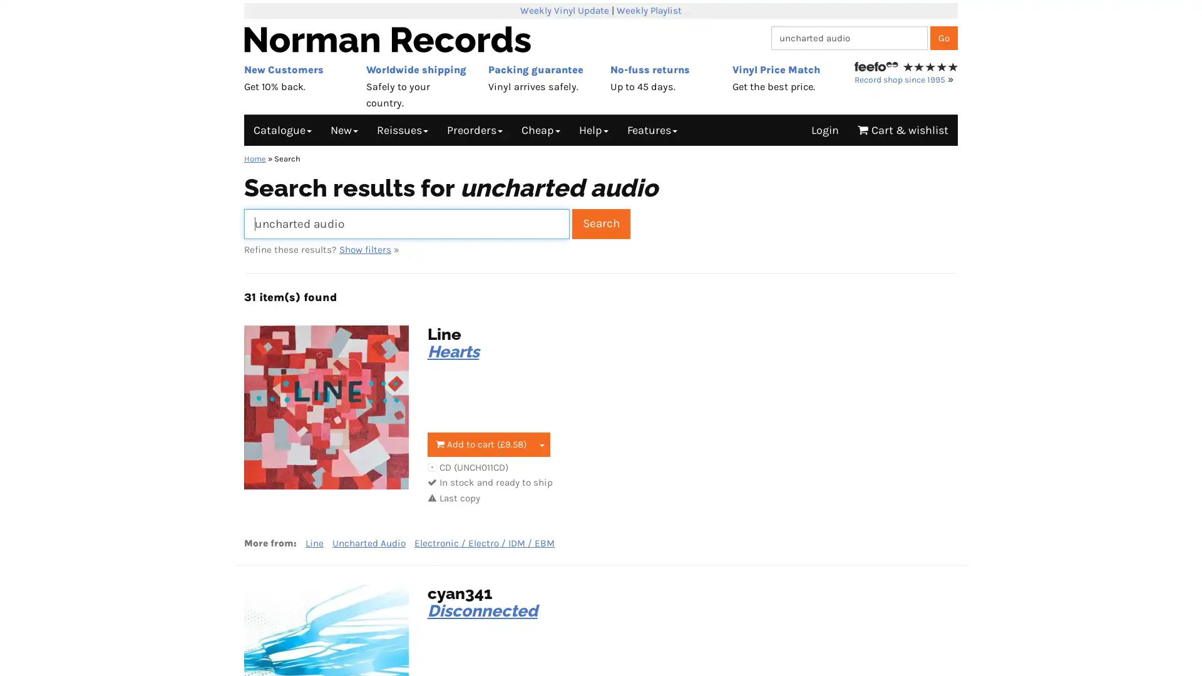  What do you see at coordinates (943, 37) in the screenshot?
I see `Go` at bounding box center [943, 37].